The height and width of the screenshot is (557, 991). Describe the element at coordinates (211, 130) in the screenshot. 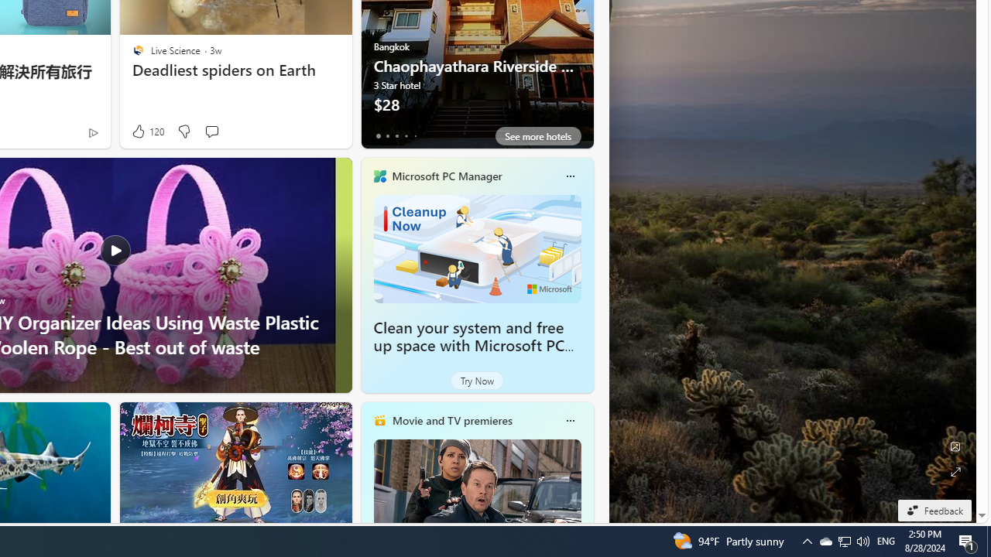

I see `'Start the conversation'` at that location.